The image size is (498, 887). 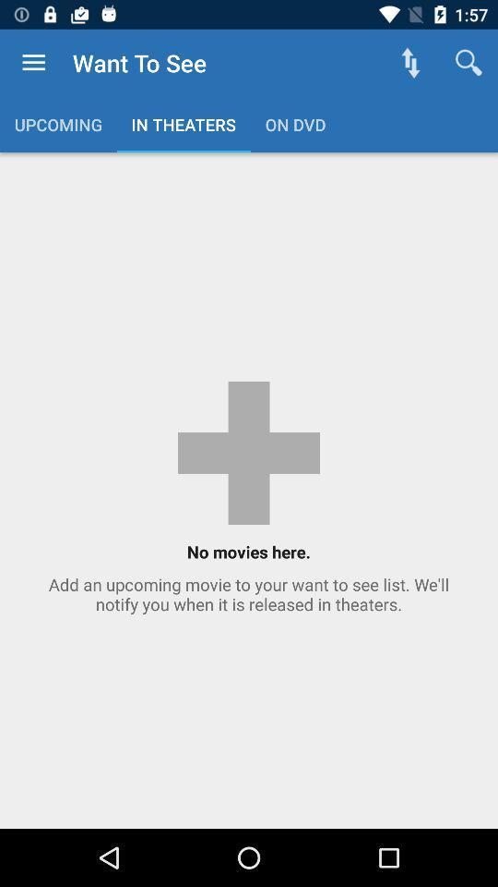 I want to click on the item next to the want to see item, so click(x=33, y=63).